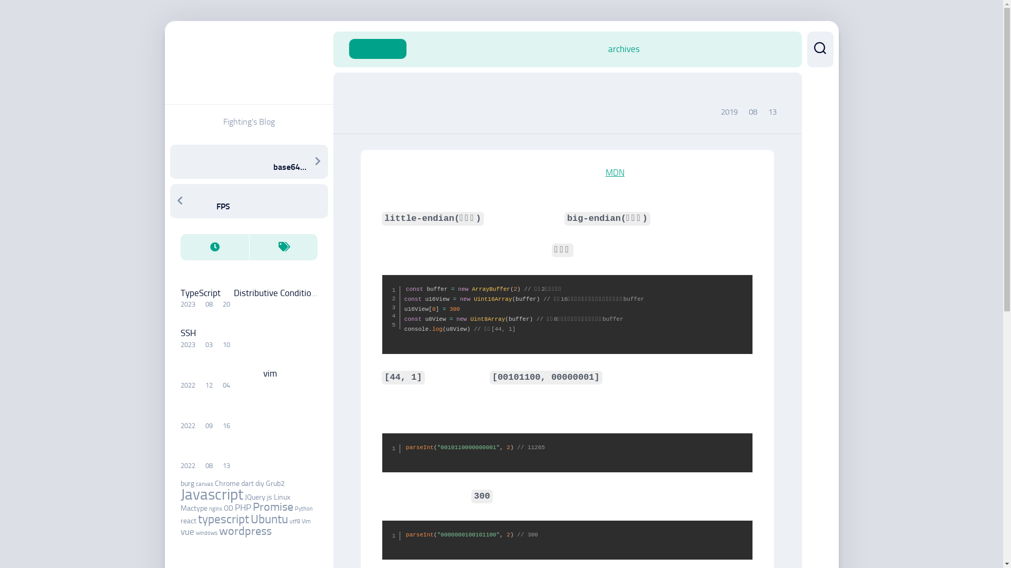 Image resolution: width=1011 pixels, height=568 pixels. What do you see at coordinates (244, 531) in the screenshot?
I see `'wordpress'` at bounding box center [244, 531].